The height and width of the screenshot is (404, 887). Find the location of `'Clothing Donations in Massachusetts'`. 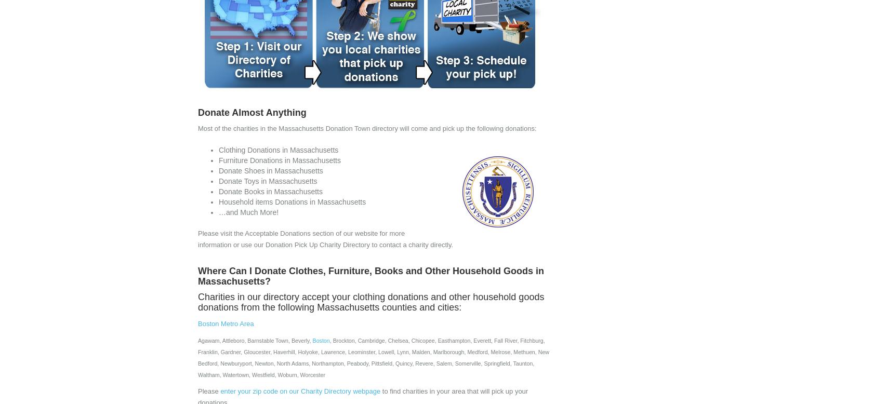

'Clothing Donations in Massachusetts' is located at coordinates (278, 150).